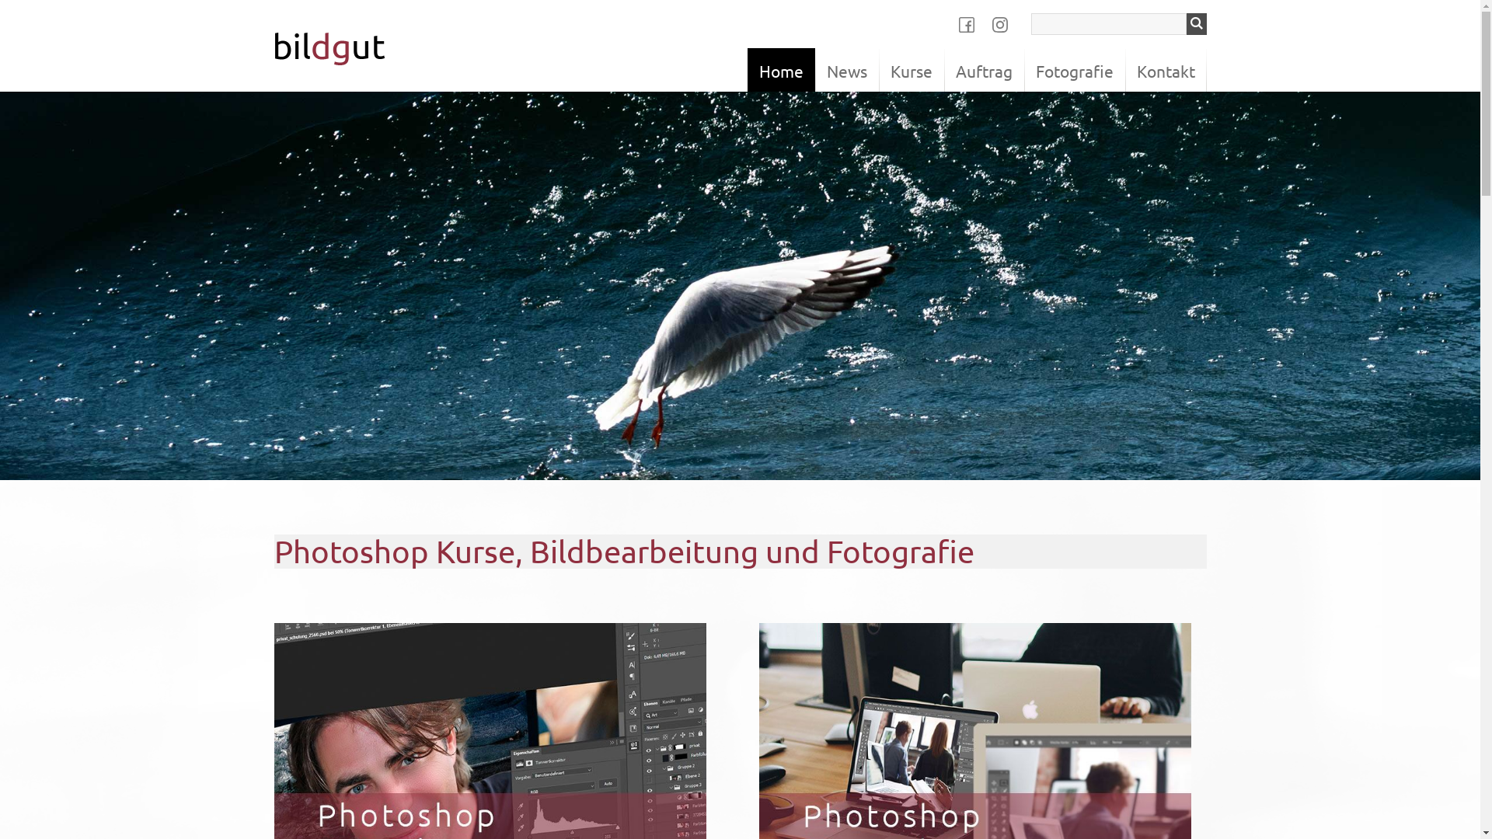  I want to click on 'News', so click(845, 68).